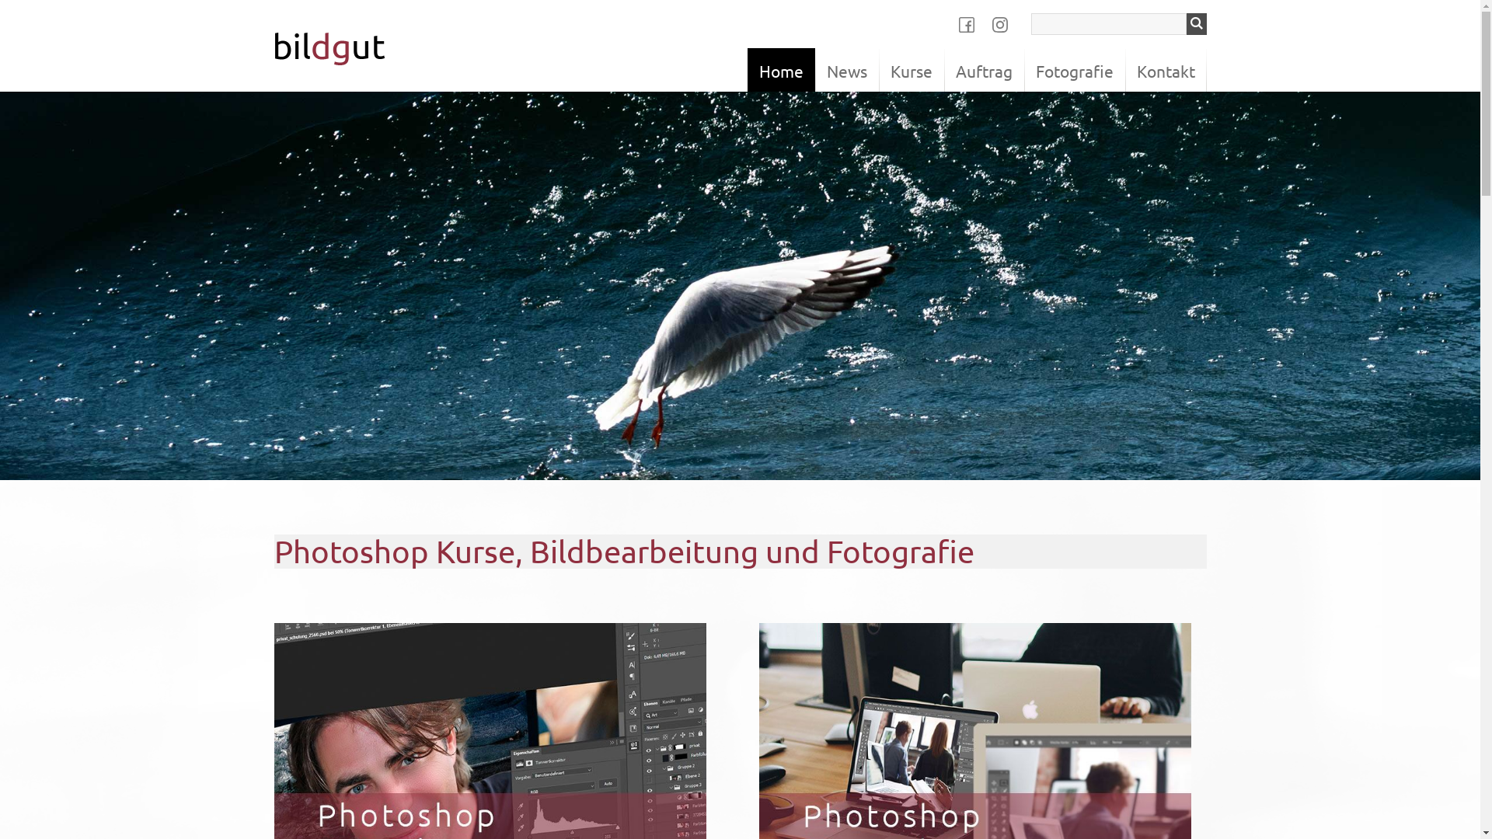  I want to click on 'News', so click(845, 68).